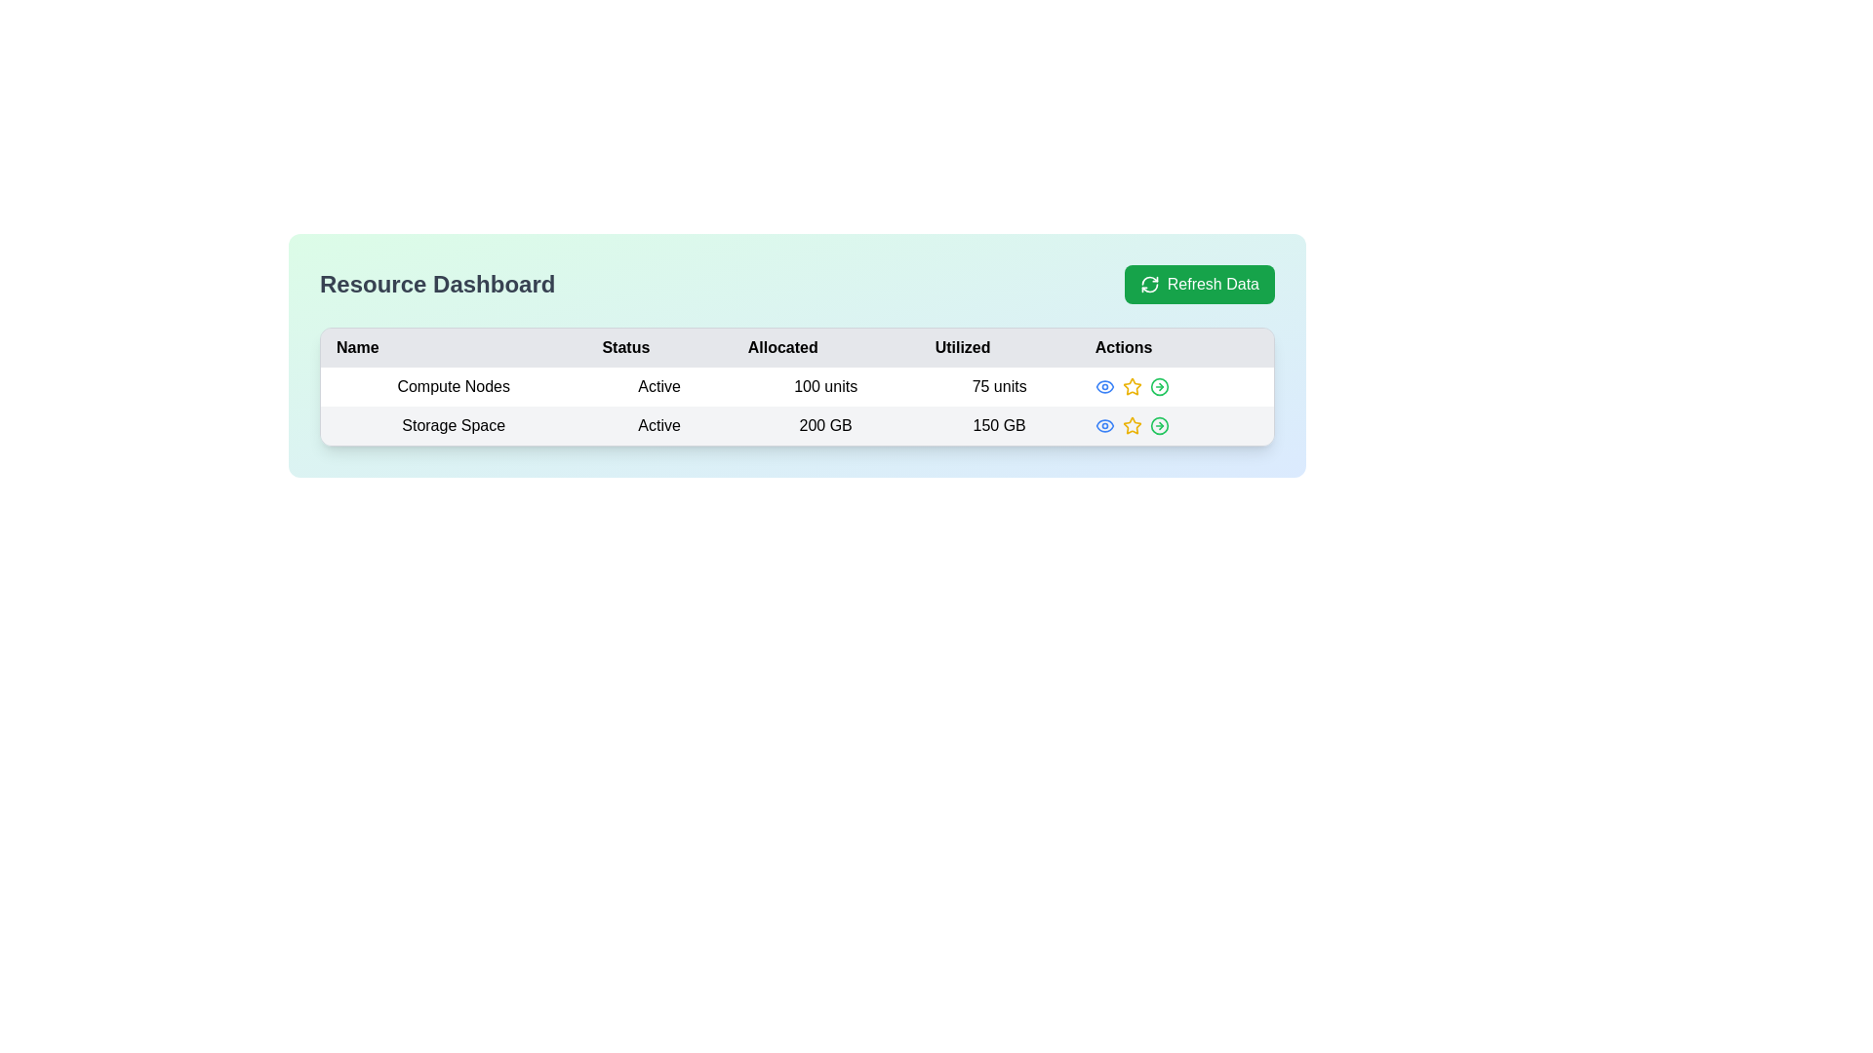 This screenshot has height=1053, width=1873. I want to click on the static text label displaying '200 GB' in the third cell under the 'Allocated' column of the table layout, so click(825, 424).